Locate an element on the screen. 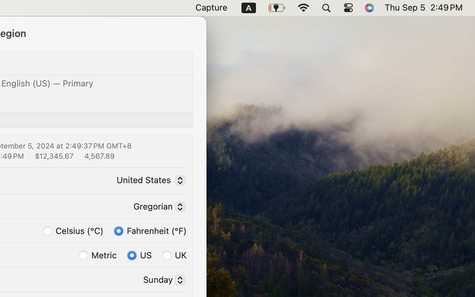 This screenshot has height=297, width=475. '4,567.89' is located at coordinates (98, 155).